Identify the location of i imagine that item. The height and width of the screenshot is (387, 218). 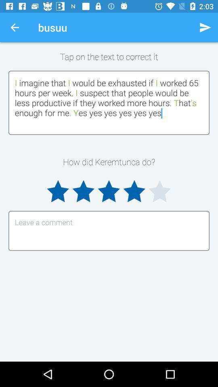
(109, 102).